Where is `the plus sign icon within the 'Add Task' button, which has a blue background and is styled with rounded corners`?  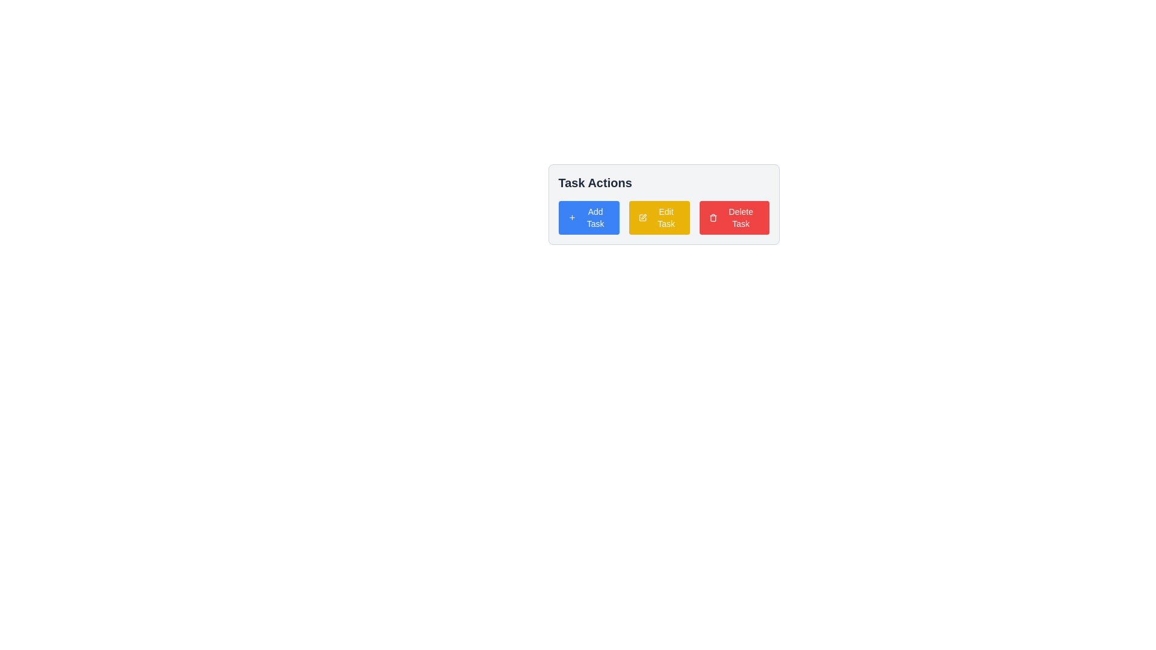 the plus sign icon within the 'Add Task' button, which has a blue background and is styled with rounded corners is located at coordinates (571, 218).